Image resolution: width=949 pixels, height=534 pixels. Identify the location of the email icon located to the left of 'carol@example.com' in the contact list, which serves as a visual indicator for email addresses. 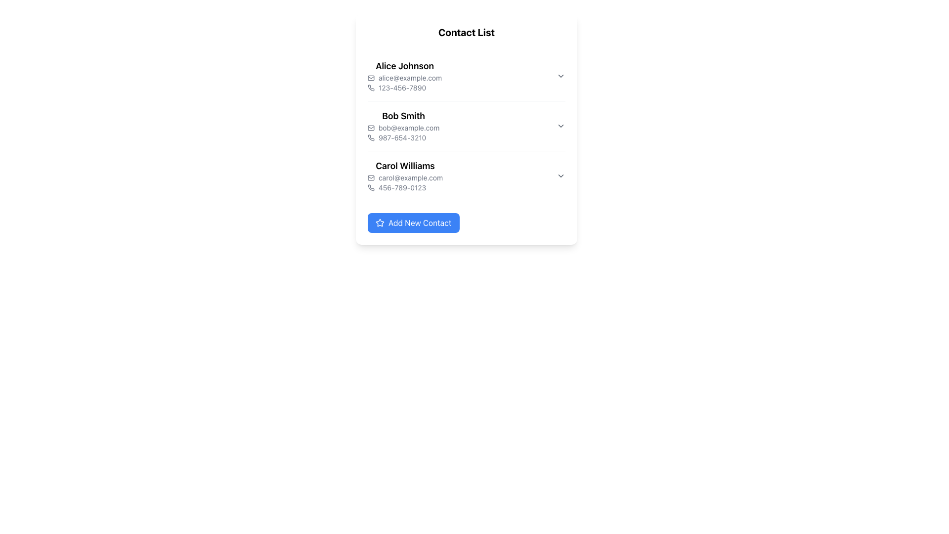
(370, 177).